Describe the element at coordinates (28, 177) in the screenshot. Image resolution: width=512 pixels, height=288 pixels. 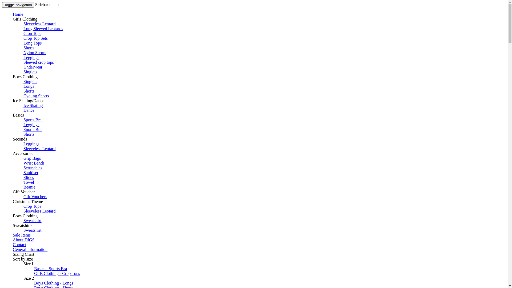
I see `'Slides'` at that location.